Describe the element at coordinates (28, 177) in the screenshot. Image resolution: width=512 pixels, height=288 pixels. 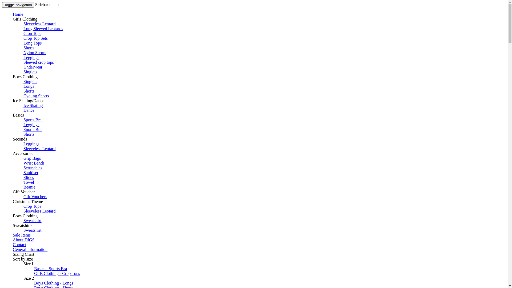
I see `'Slides'` at that location.